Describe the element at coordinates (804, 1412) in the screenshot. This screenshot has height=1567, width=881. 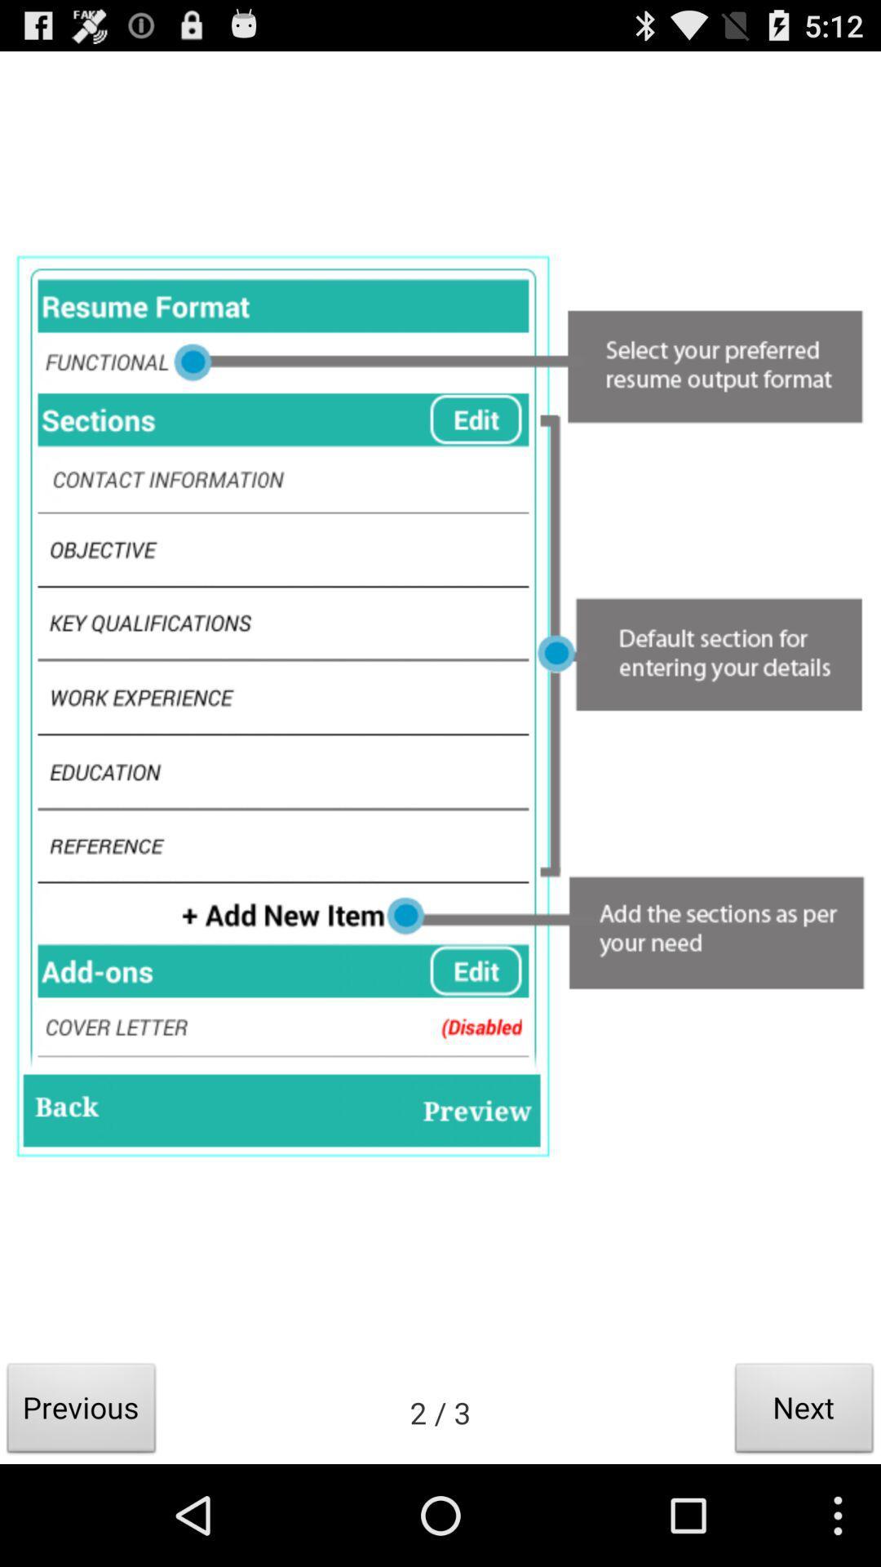
I see `the item at the bottom right corner` at that location.